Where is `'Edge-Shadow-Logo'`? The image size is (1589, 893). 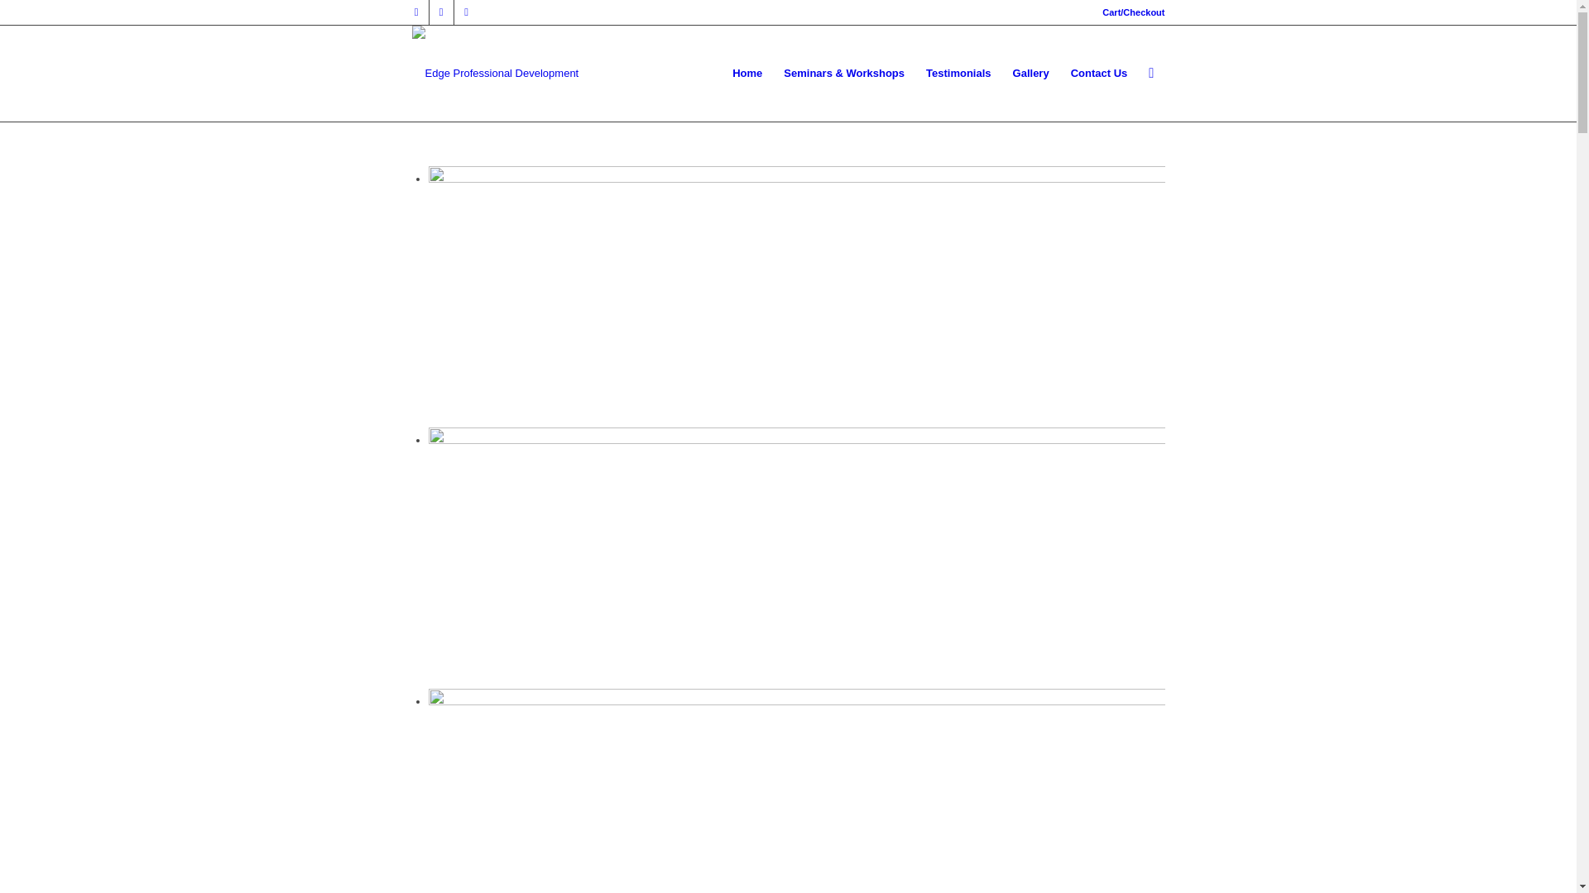
'Edge-Shadow-Logo' is located at coordinates (495, 52).